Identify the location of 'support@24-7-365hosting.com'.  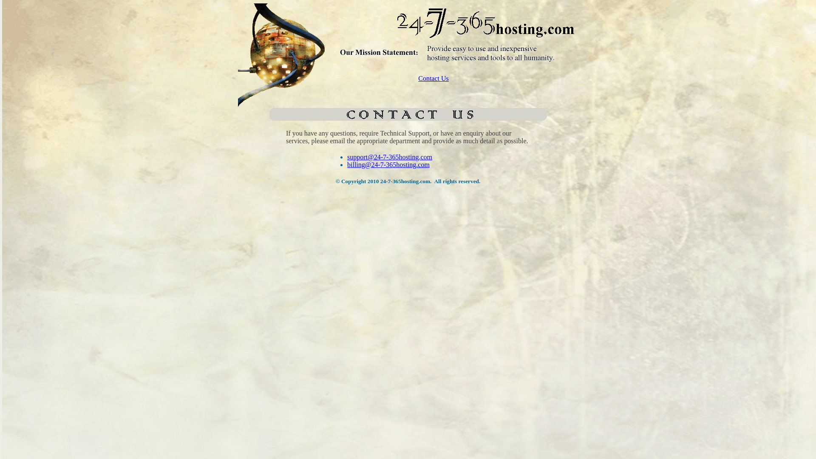
(389, 157).